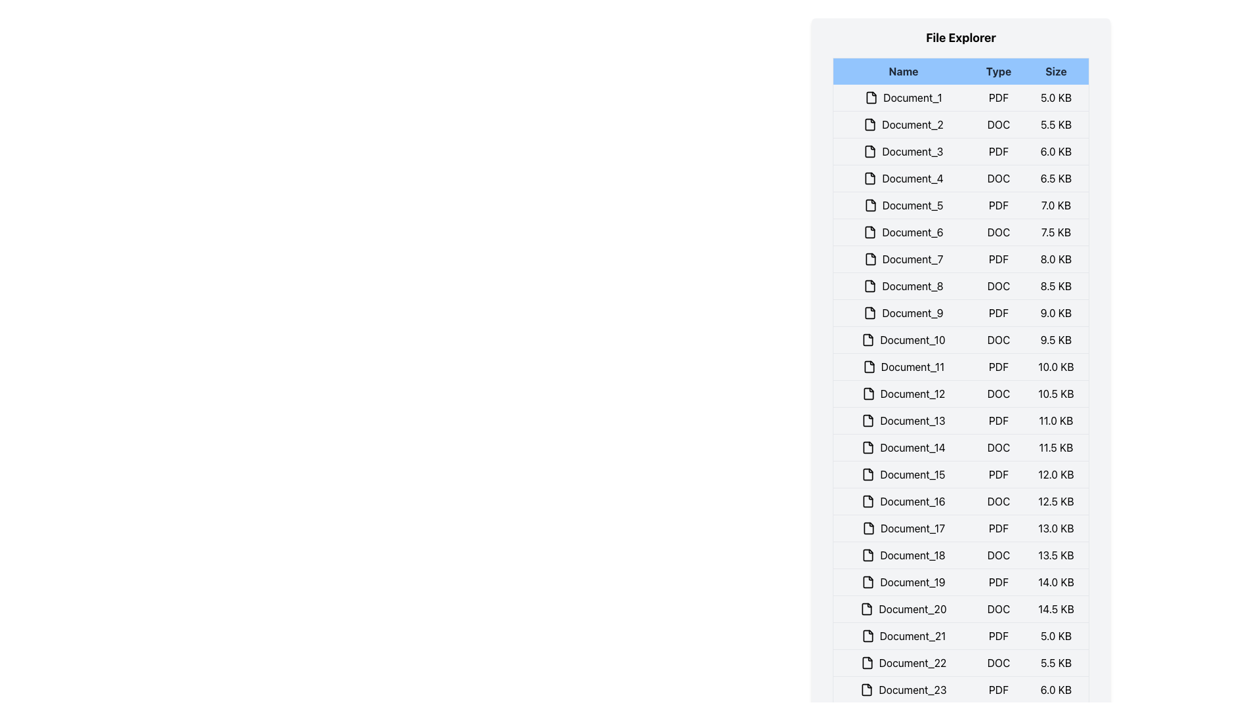  Describe the element at coordinates (870, 259) in the screenshot. I see `the document icon labeled 'Document_7' in the seventh row of the file explorer interface` at that location.